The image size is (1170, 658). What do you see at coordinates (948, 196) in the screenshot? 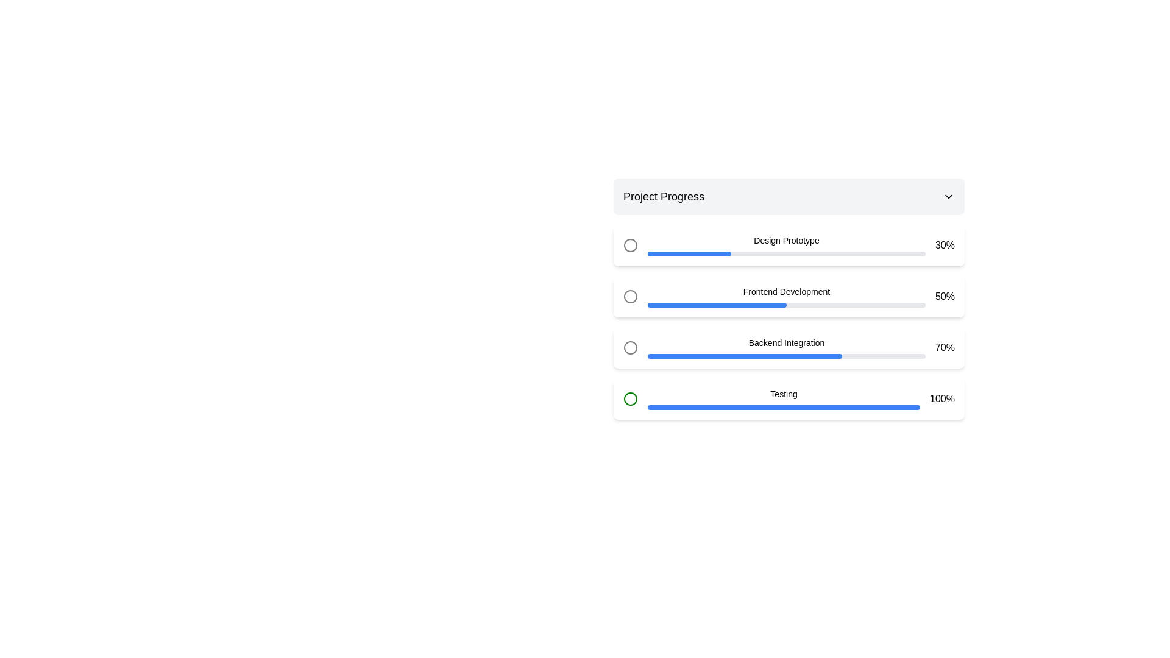
I see `the expand/collapse icon located at the rightmost edge of the 'Project Progress' header` at bounding box center [948, 196].